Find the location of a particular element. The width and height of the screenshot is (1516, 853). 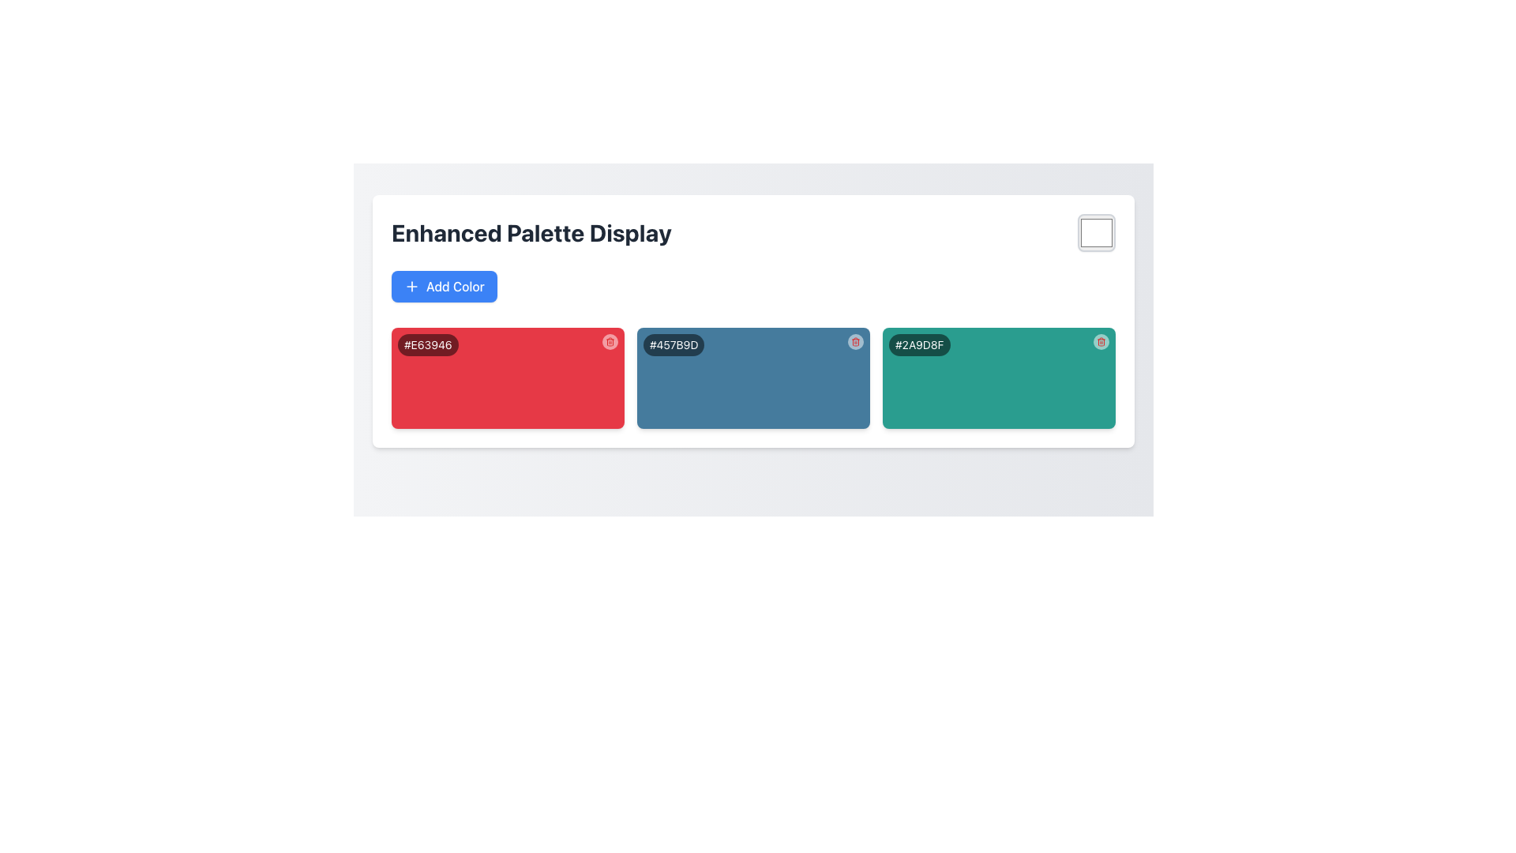

the center of the blue color swatch card, which is the second rectangle in a horizontal group of three, located below the 'Add Color' button is located at coordinates (752, 378).